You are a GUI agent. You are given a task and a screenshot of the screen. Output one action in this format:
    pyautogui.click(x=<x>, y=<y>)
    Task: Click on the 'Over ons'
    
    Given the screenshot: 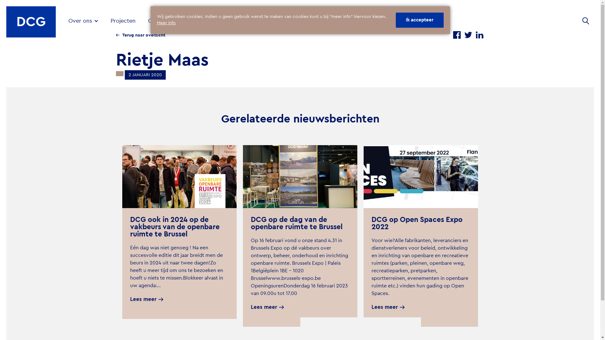 What is the action you would take?
    pyautogui.click(x=83, y=20)
    